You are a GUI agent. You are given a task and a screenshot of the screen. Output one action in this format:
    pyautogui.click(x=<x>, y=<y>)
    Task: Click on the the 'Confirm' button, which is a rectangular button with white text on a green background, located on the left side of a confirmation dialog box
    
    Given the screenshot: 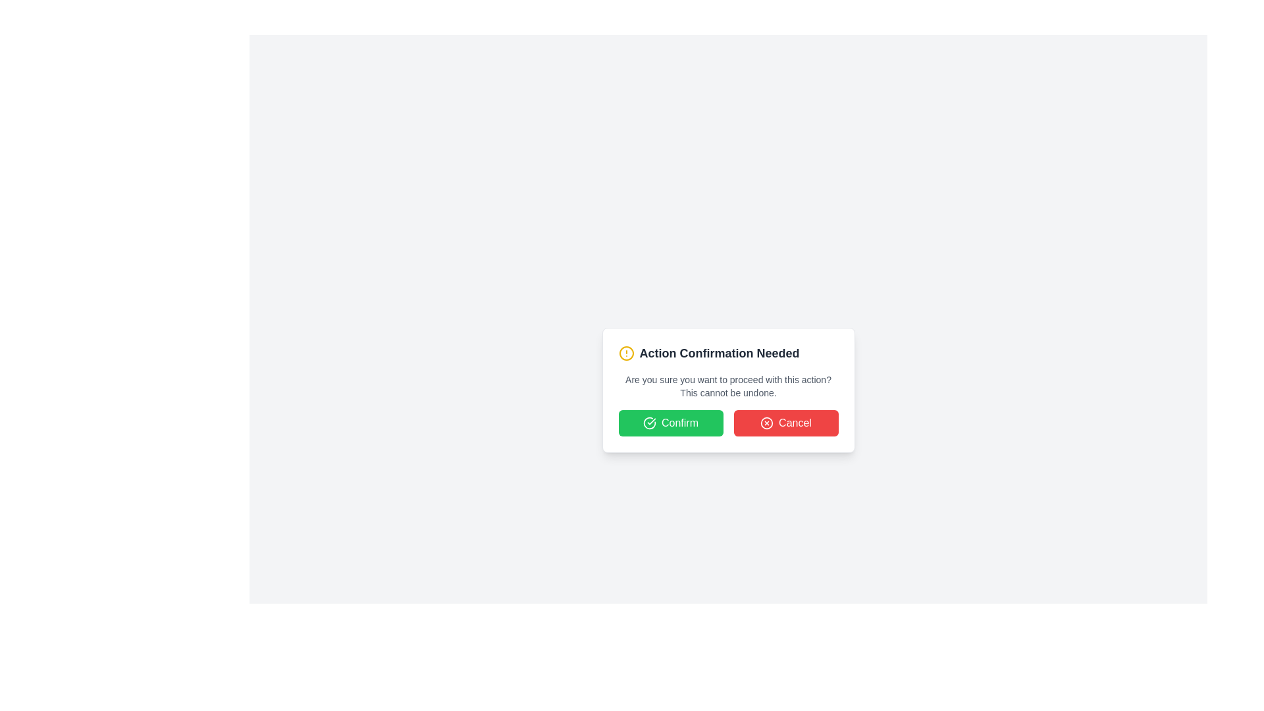 What is the action you would take?
    pyautogui.click(x=670, y=423)
    